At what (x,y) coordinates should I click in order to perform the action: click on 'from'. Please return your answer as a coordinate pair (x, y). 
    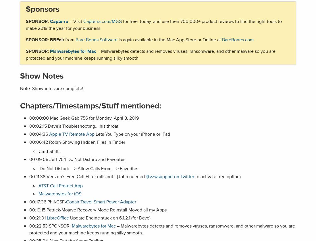
    Looking at the image, I should click on (70, 40).